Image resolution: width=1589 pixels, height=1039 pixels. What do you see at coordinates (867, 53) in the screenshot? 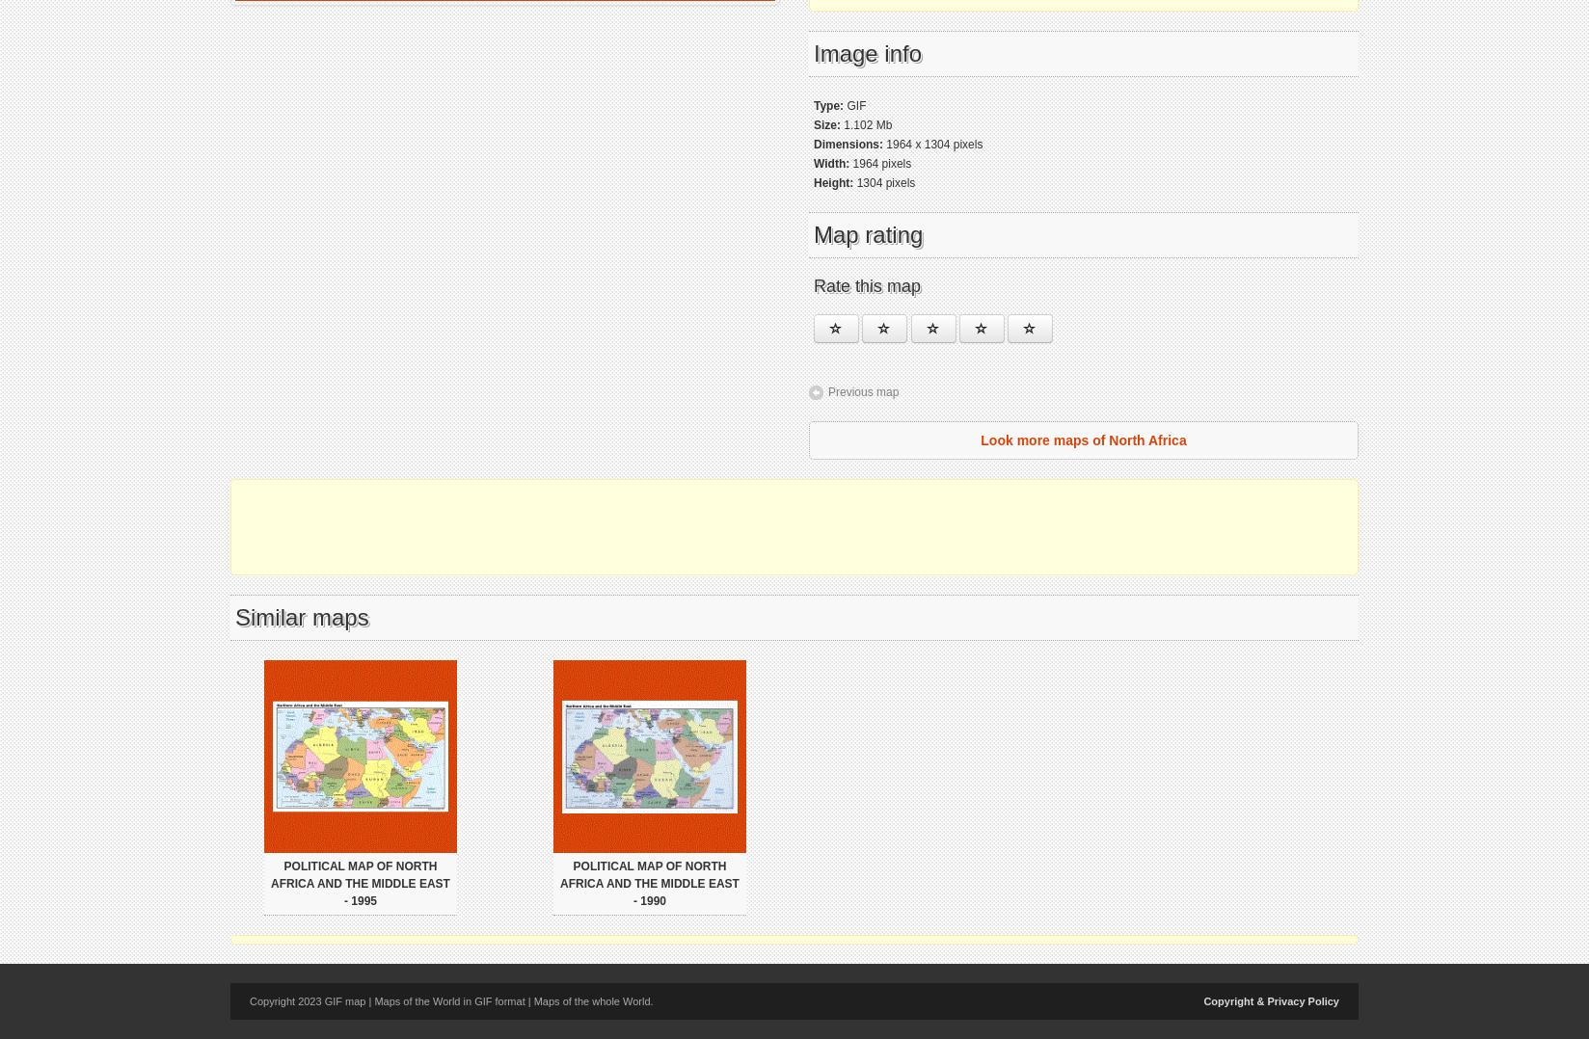
I see `'Image info'` at bounding box center [867, 53].